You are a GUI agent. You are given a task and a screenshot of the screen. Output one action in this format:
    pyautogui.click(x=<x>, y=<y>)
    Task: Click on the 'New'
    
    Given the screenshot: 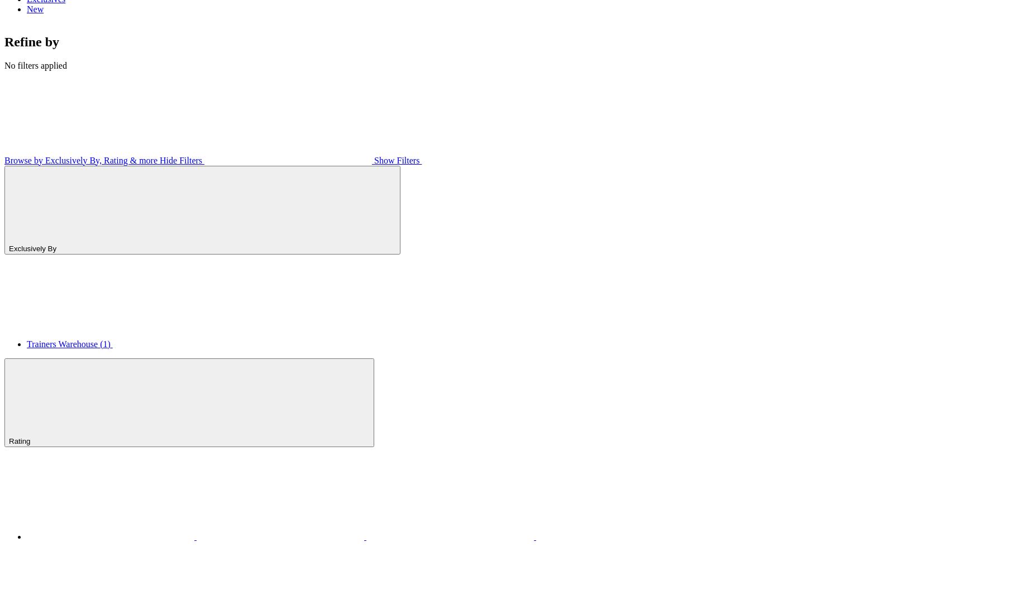 What is the action you would take?
    pyautogui.click(x=26, y=8)
    